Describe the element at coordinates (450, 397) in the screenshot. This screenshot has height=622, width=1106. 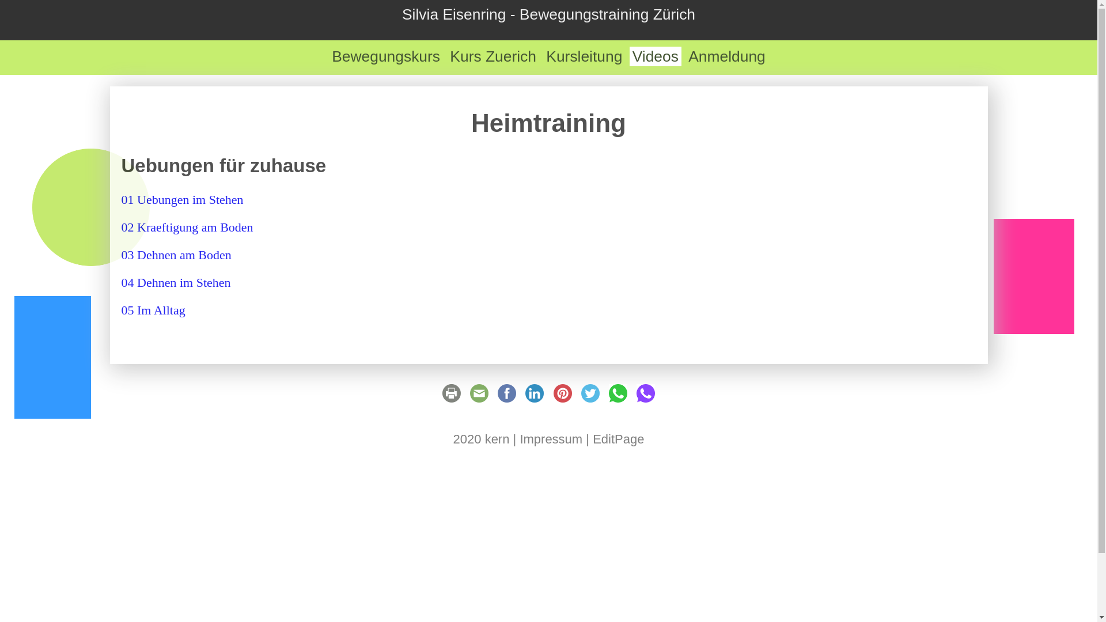
I see `'Print'` at that location.